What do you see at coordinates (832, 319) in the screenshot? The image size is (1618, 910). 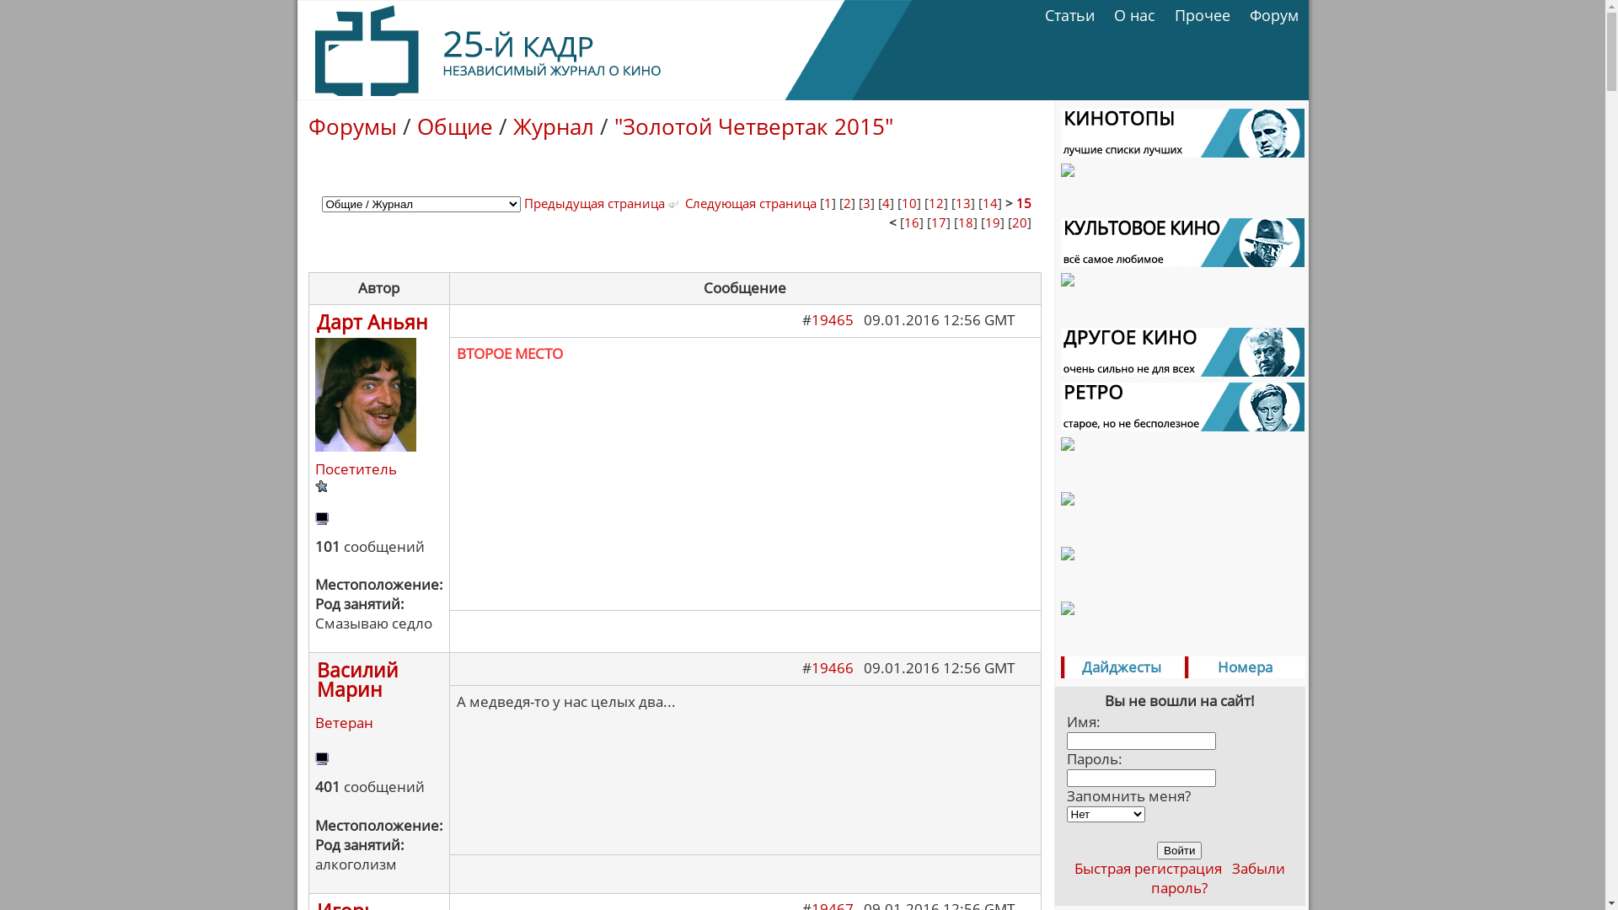 I see `'19465'` at bounding box center [832, 319].